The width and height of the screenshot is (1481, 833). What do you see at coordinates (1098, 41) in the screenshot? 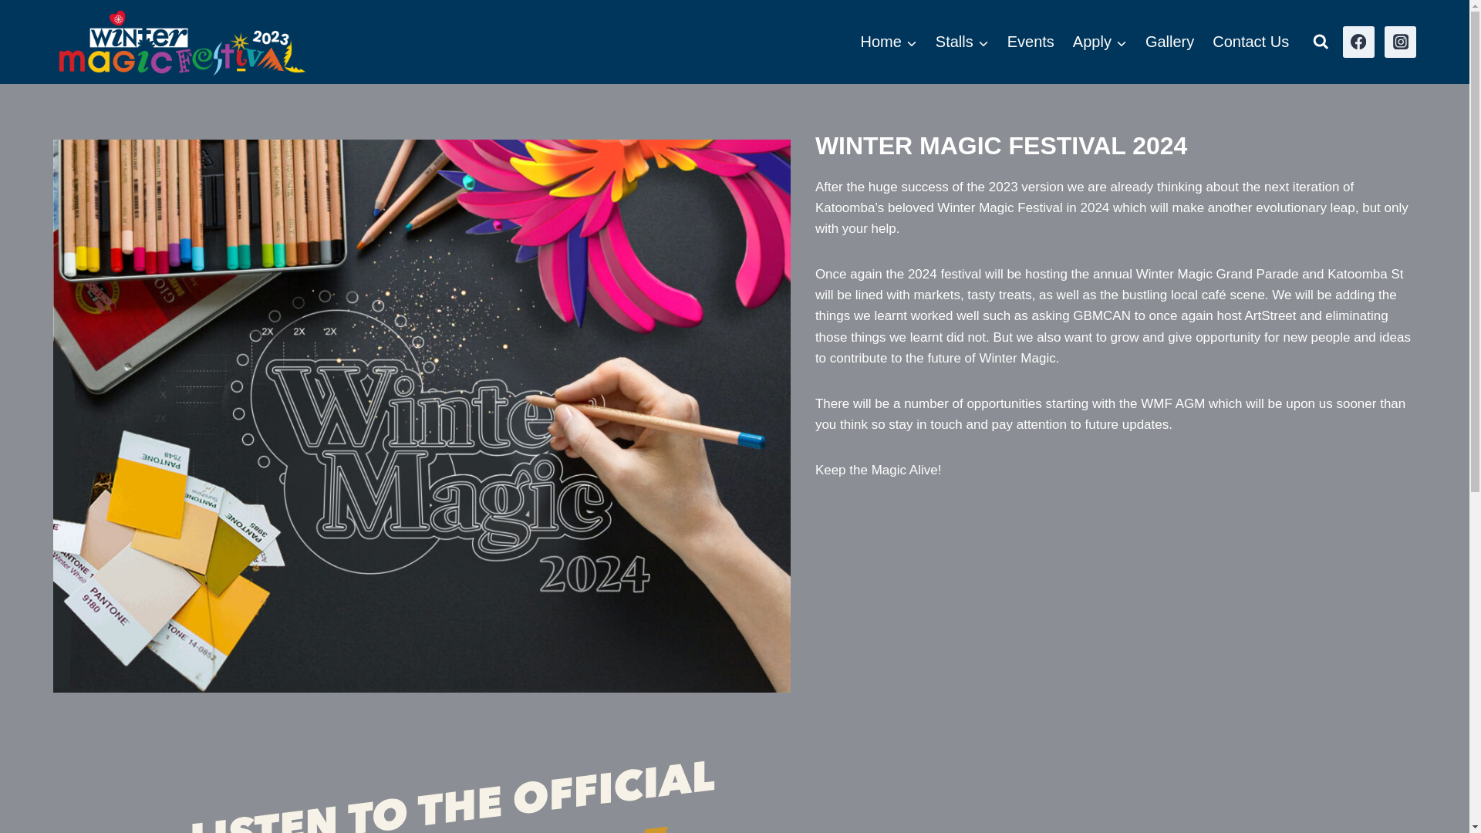
I see `'Apply'` at bounding box center [1098, 41].